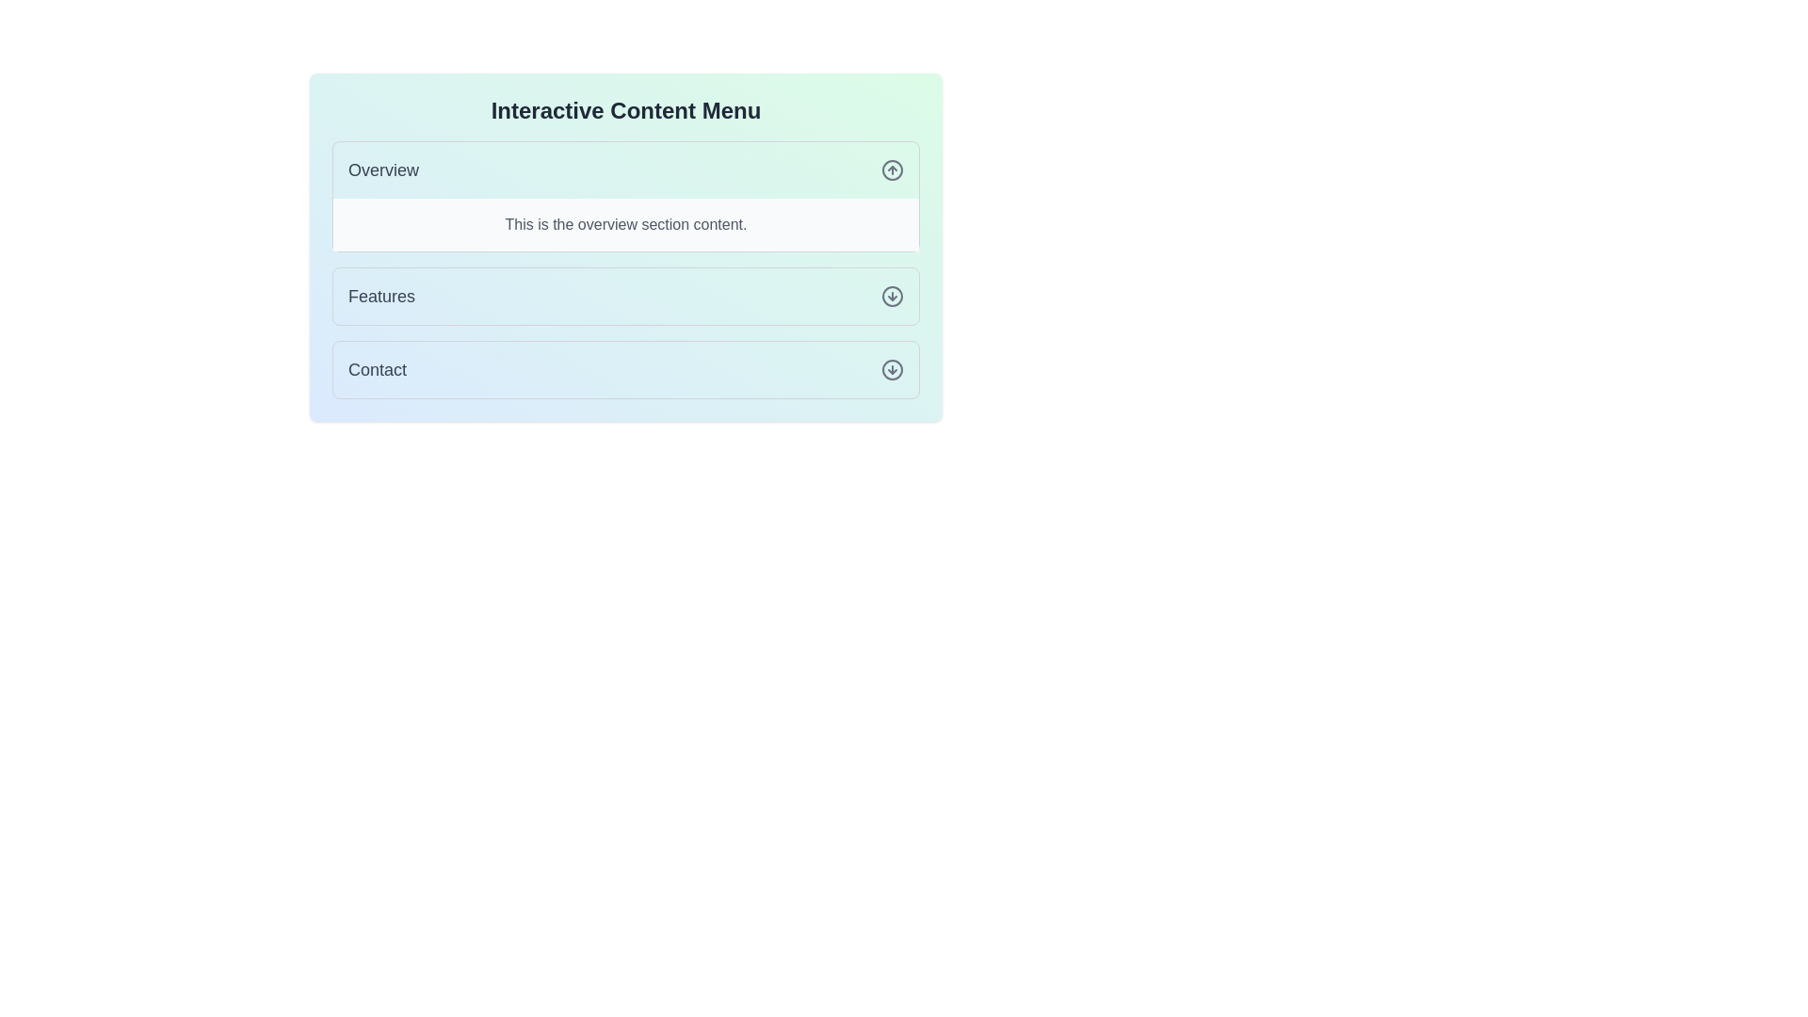  What do you see at coordinates (892, 370) in the screenshot?
I see `the decorative circular element or icon indicating a dropdown in the 'Contact' section located in the bottom-right of the interactive content menu interface` at bounding box center [892, 370].